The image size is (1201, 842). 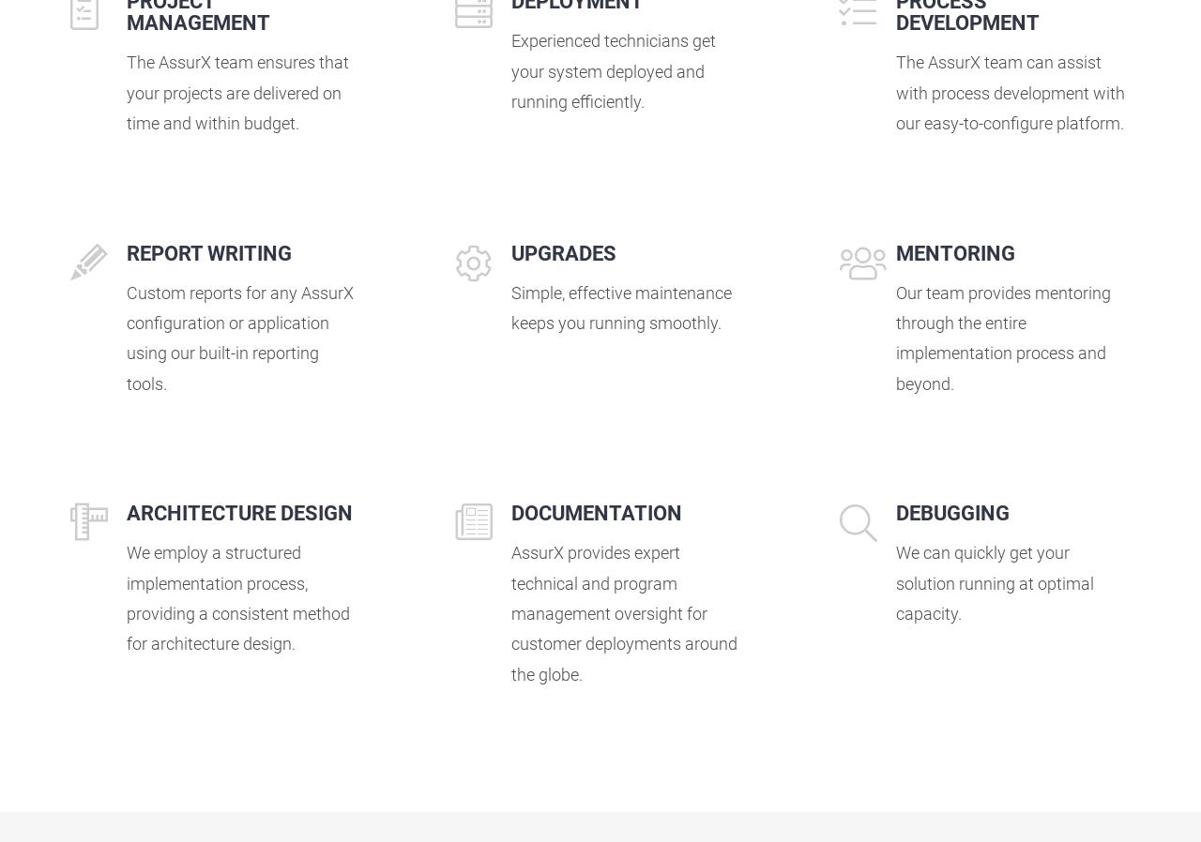 I want to click on 'The AssurX team ensures that your projects are delivered on time and within budget.', so click(x=236, y=91).